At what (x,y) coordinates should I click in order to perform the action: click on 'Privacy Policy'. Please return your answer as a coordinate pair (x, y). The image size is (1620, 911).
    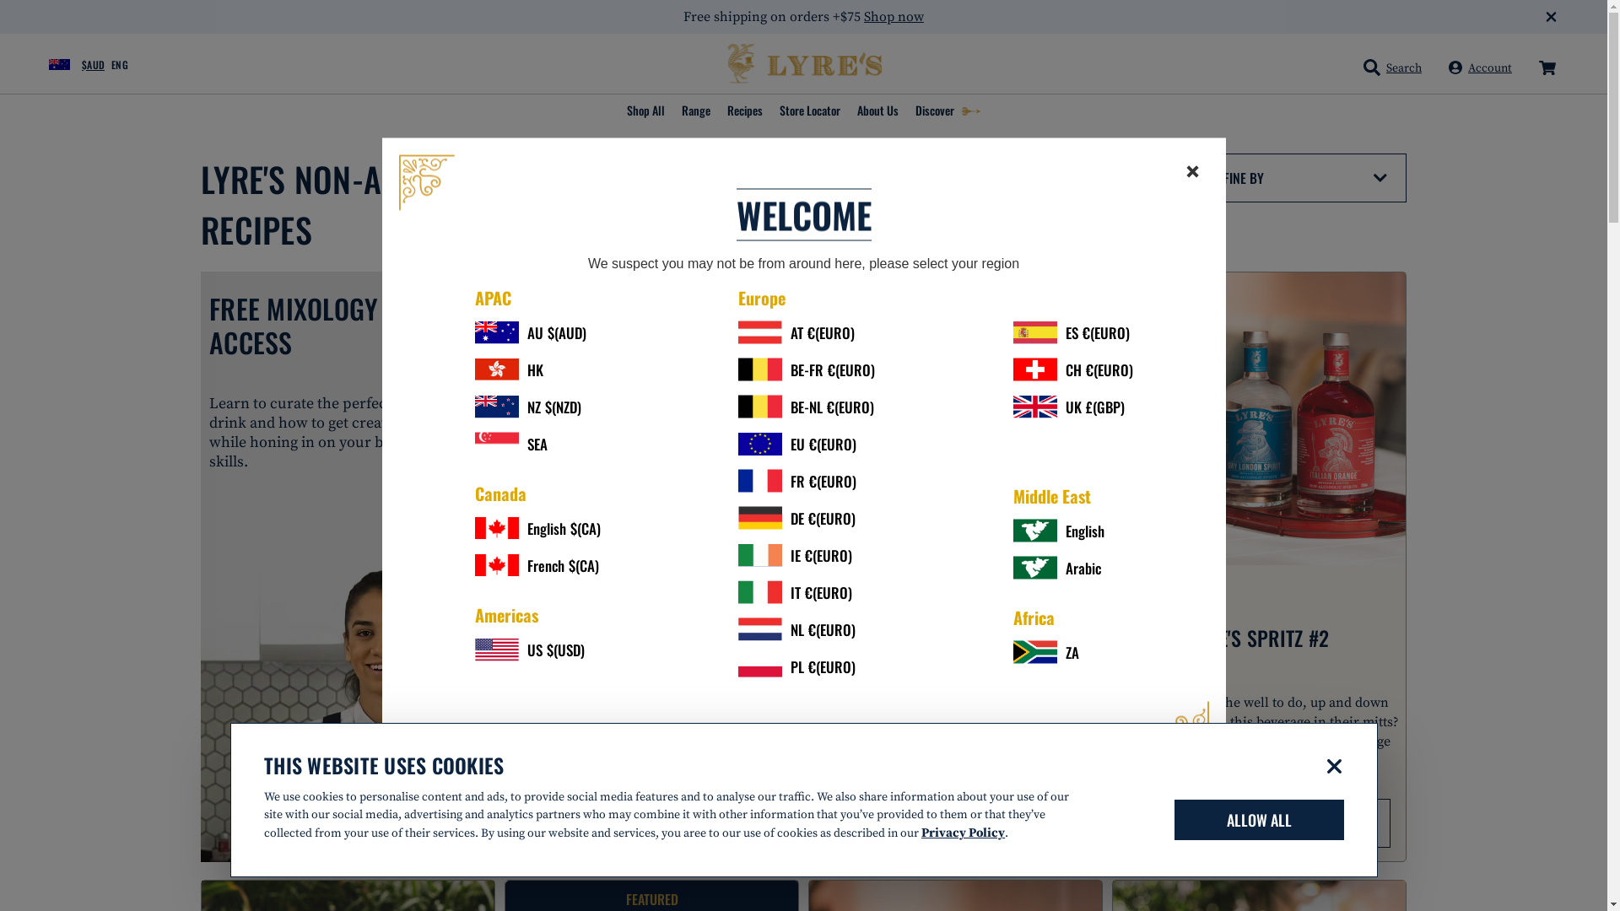
    Looking at the image, I should click on (963, 832).